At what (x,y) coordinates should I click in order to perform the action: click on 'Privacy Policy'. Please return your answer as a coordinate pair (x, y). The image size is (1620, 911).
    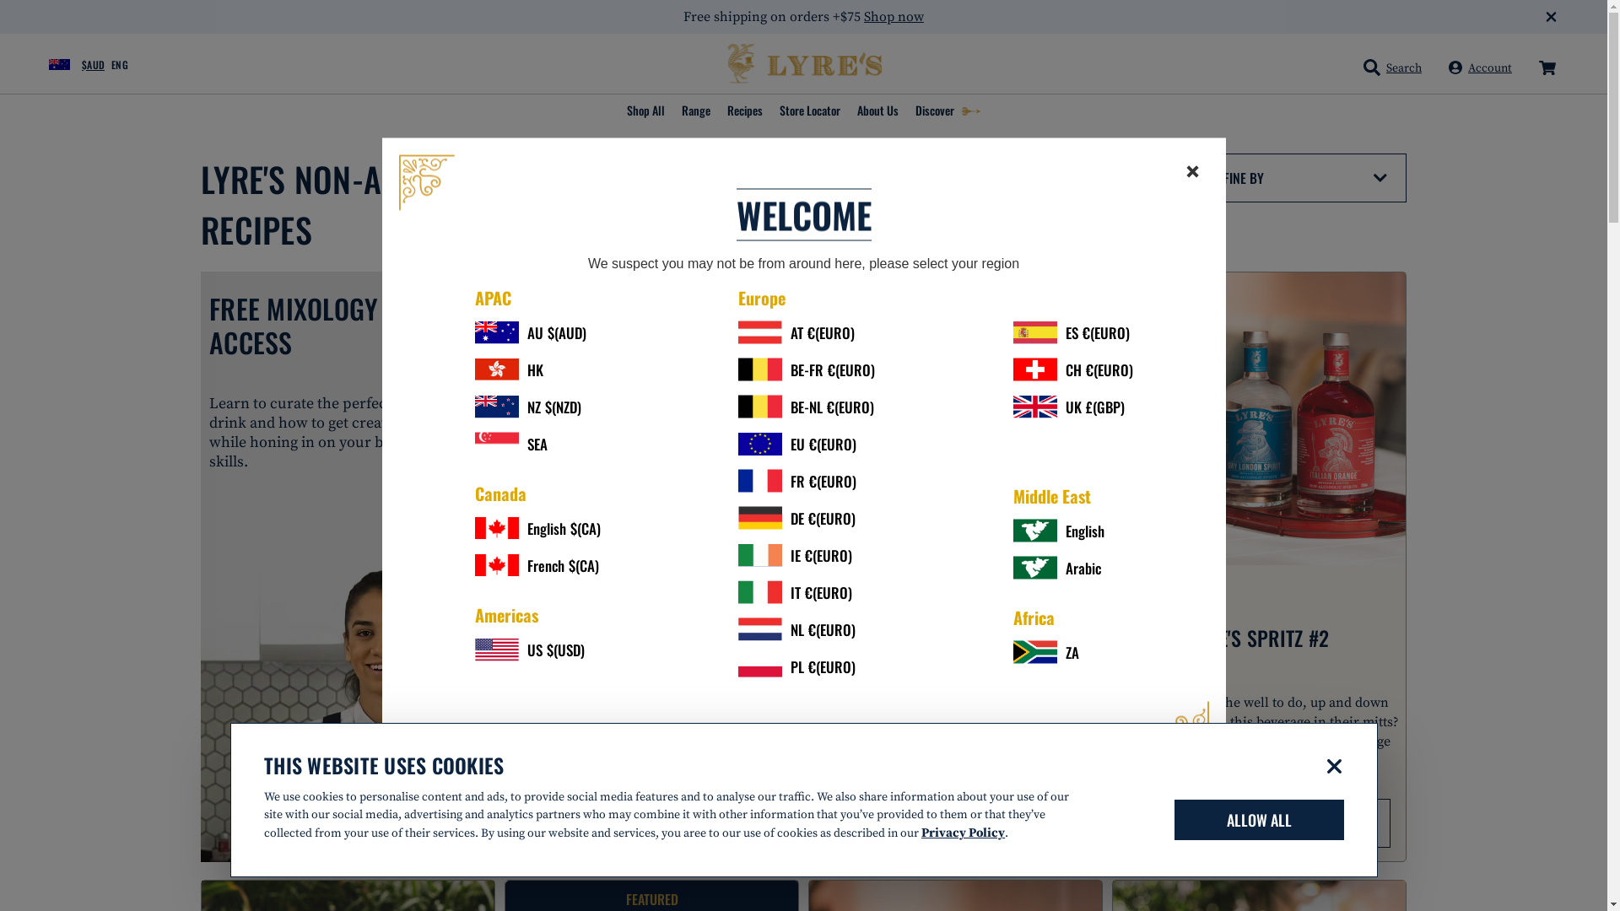
    Looking at the image, I should click on (963, 832).